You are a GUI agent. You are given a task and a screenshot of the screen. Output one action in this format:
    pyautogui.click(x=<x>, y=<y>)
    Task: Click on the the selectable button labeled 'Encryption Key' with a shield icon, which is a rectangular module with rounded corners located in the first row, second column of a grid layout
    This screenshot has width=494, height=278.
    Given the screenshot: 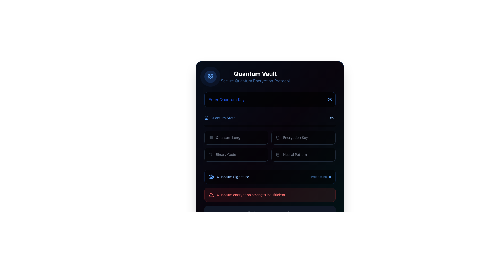 What is the action you would take?
    pyautogui.click(x=303, y=137)
    